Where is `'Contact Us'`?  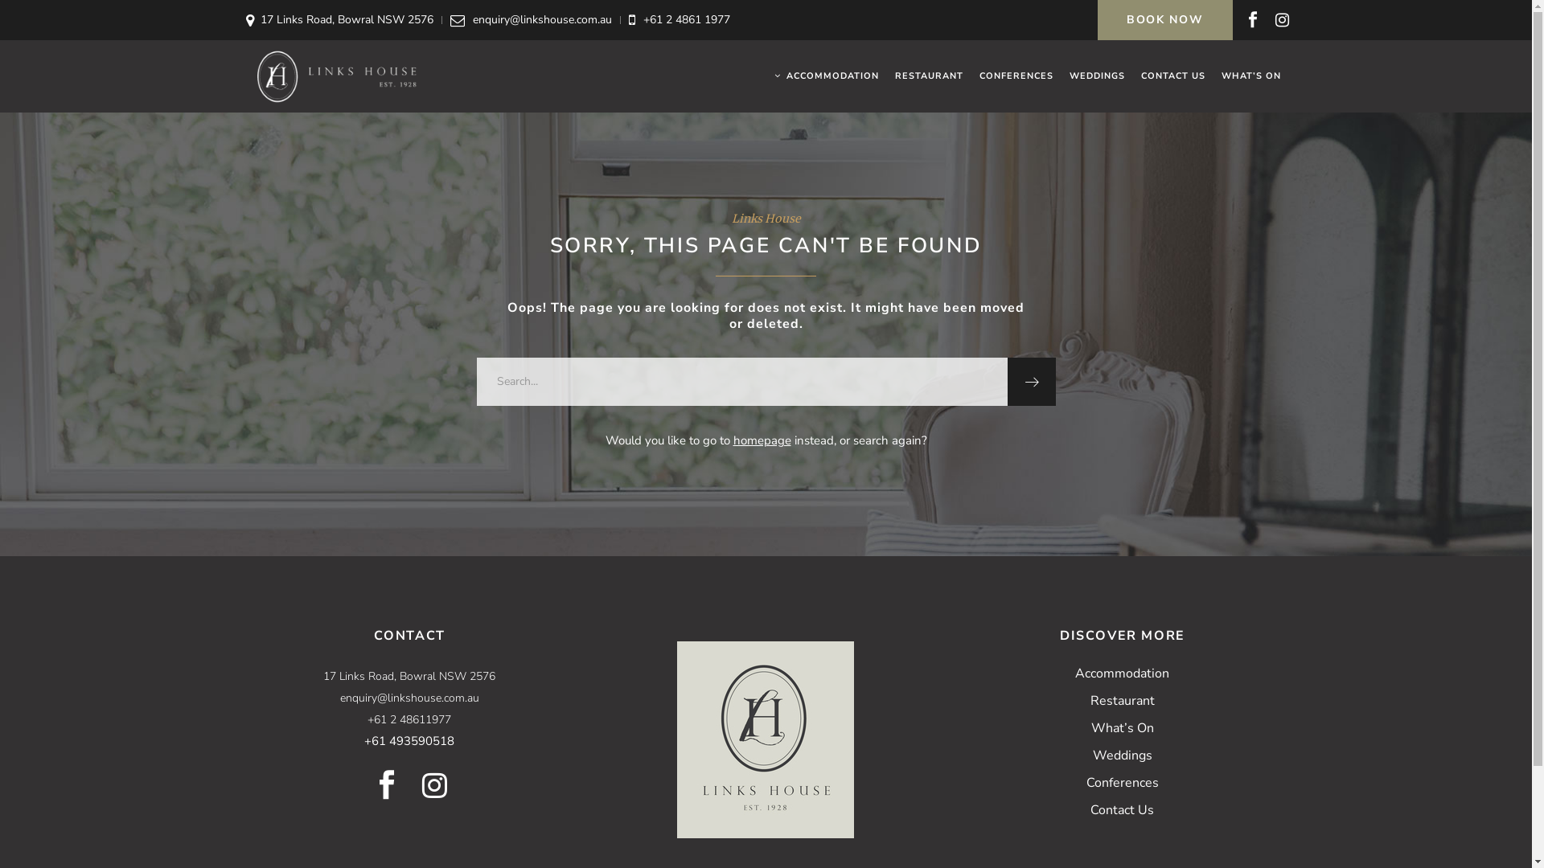 'Contact Us' is located at coordinates (1121, 809).